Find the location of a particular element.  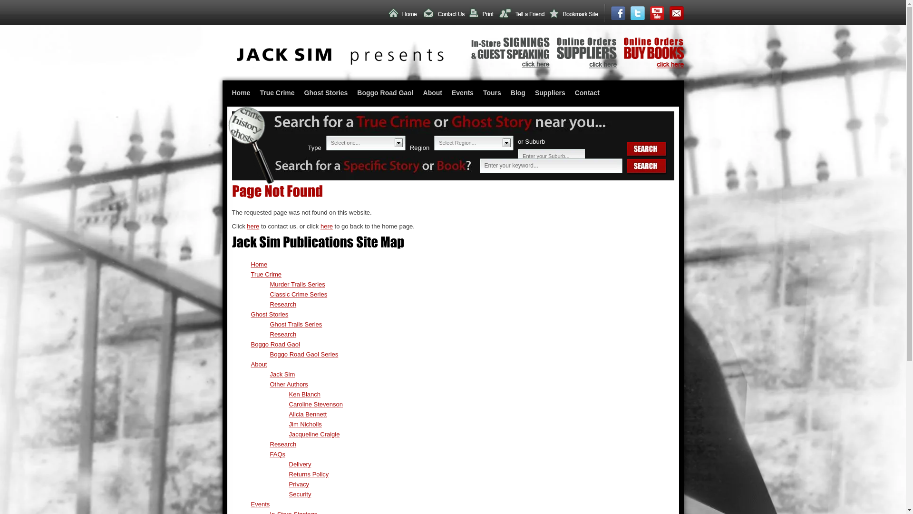

'Online Orders Suppliers' is located at coordinates (586, 66).